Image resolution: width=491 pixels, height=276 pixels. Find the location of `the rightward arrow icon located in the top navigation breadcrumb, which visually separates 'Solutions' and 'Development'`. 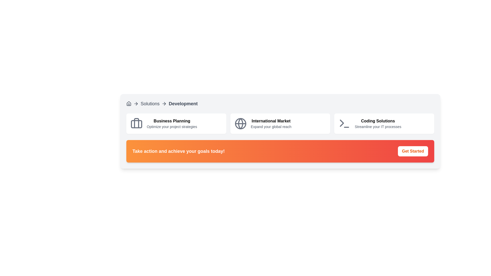

the rightward arrow icon located in the top navigation breadcrumb, which visually separates 'Solutions' and 'Development' is located at coordinates (164, 103).